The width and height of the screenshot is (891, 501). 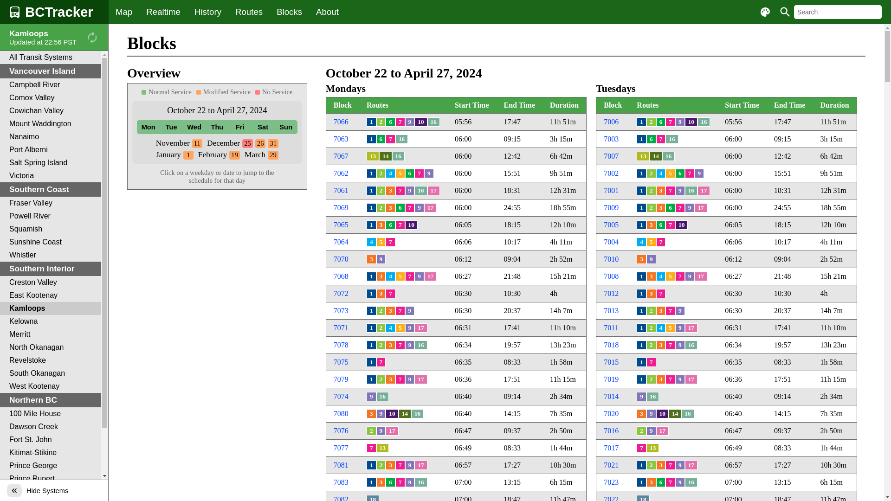 What do you see at coordinates (636, 259) in the screenshot?
I see `'3'` at bounding box center [636, 259].